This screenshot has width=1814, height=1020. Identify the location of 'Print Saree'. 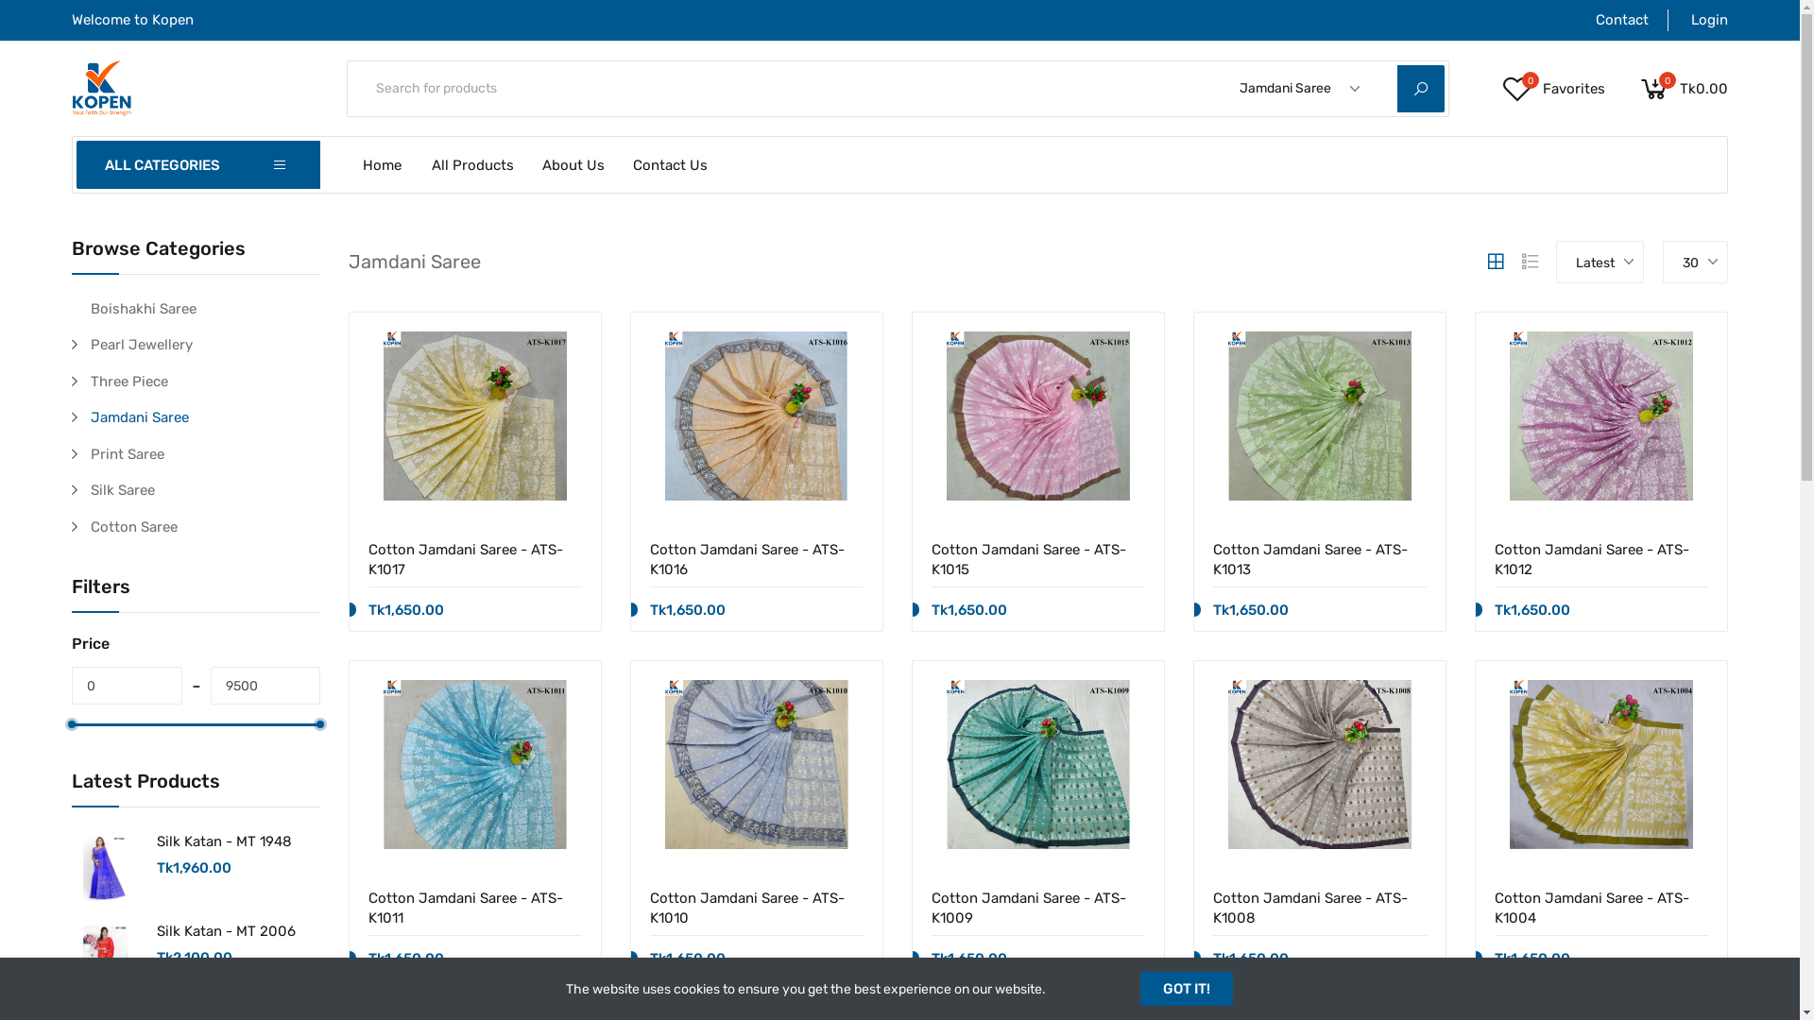
(90, 454).